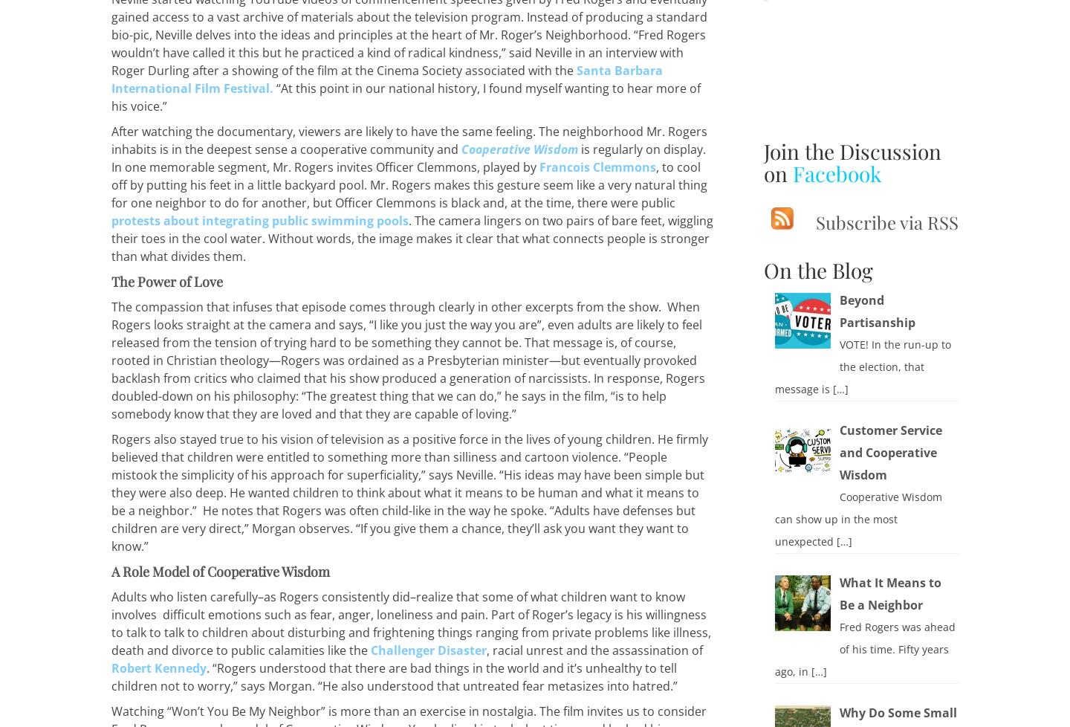 The width and height of the screenshot is (1070, 727). What do you see at coordinates (774, 647) in the screenshot?
I see `'Fred Rogers was ahead of his time. Fifty years ago, in  […]'` at bounding box center [774, 647].